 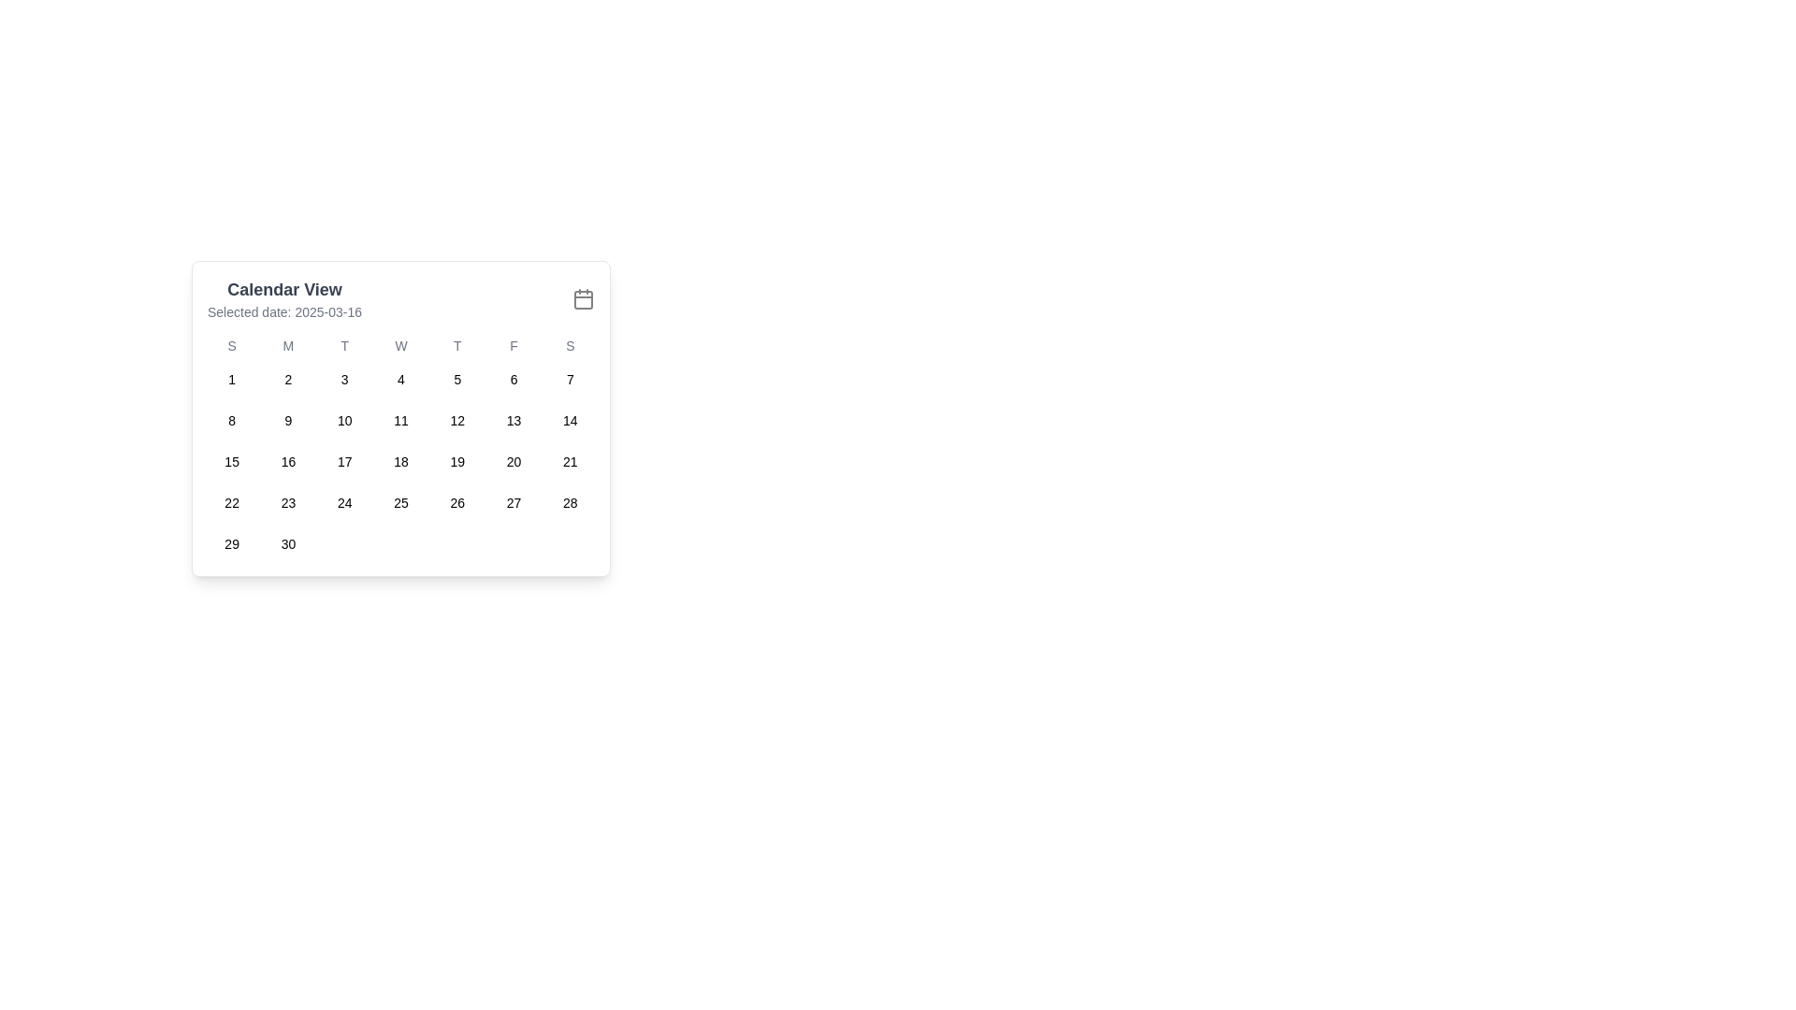 I want to click on the date '15' in the calendar, so click(x=231, y=461).